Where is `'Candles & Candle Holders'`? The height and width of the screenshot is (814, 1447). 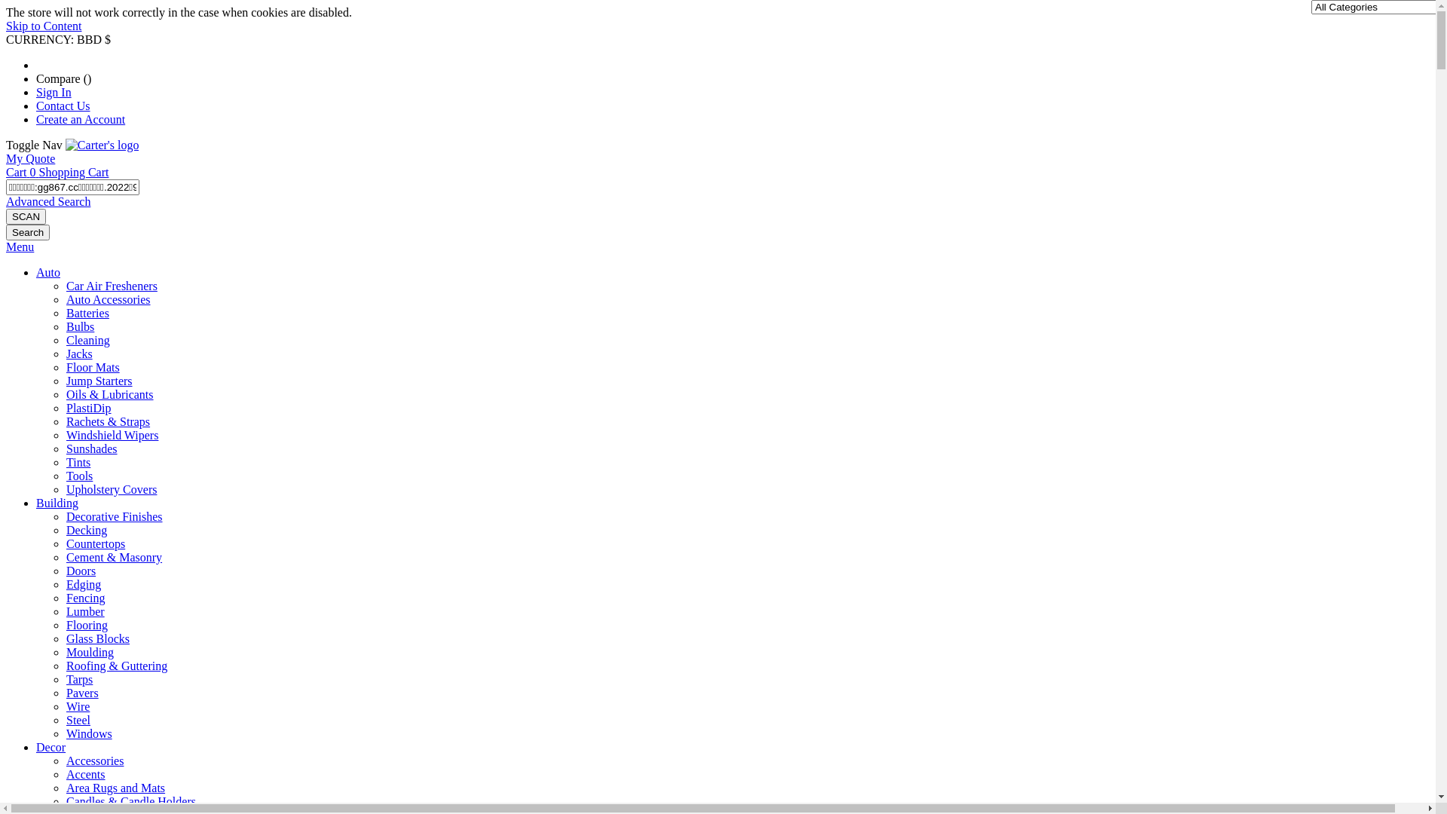
'Candles & Candle Holders' is located at coordinates (130, 800).